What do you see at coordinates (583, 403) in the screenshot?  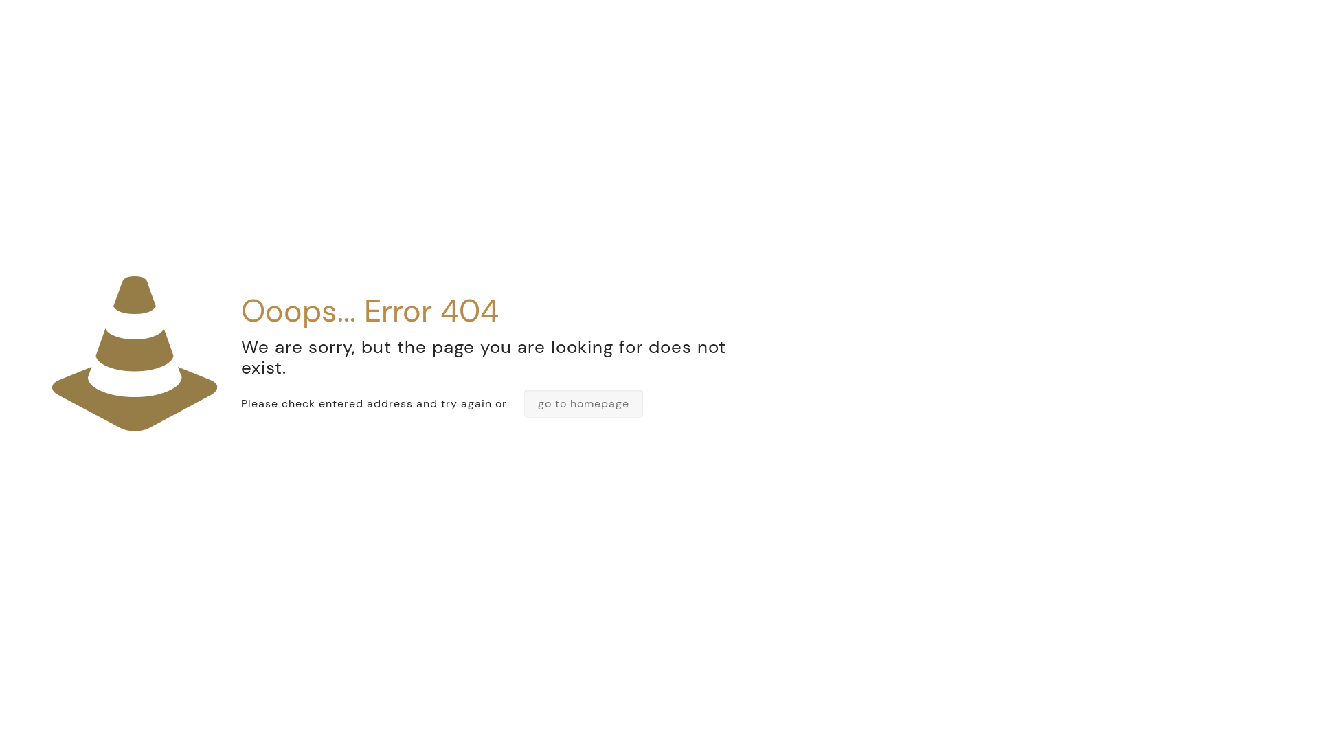 I see `'go to homepage'` at bounding box center [583, 403].